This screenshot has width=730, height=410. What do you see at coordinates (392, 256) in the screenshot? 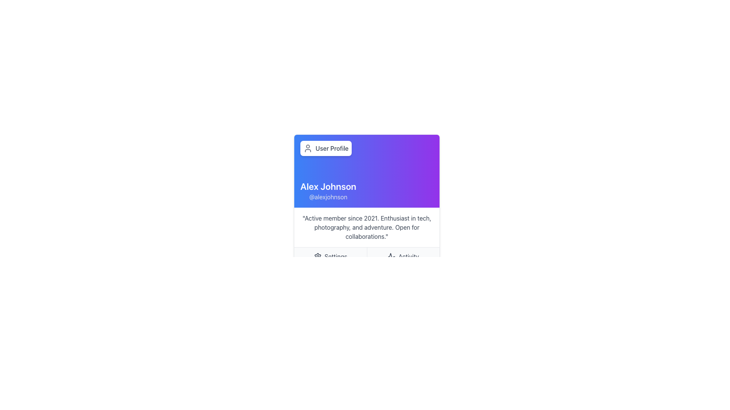
I see `the appearance of the 'Activity' icon located to the left of the text within the menu item` at bounding box center [392, 256].